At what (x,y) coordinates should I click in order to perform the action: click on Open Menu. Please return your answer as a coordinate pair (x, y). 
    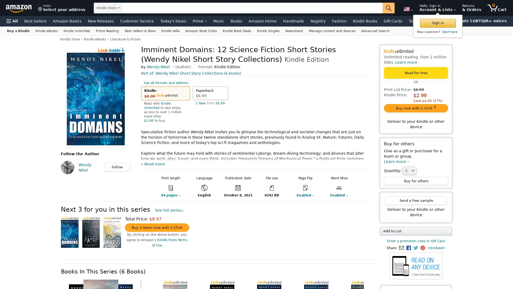
    Looking at the image, I should click on (12, 21).